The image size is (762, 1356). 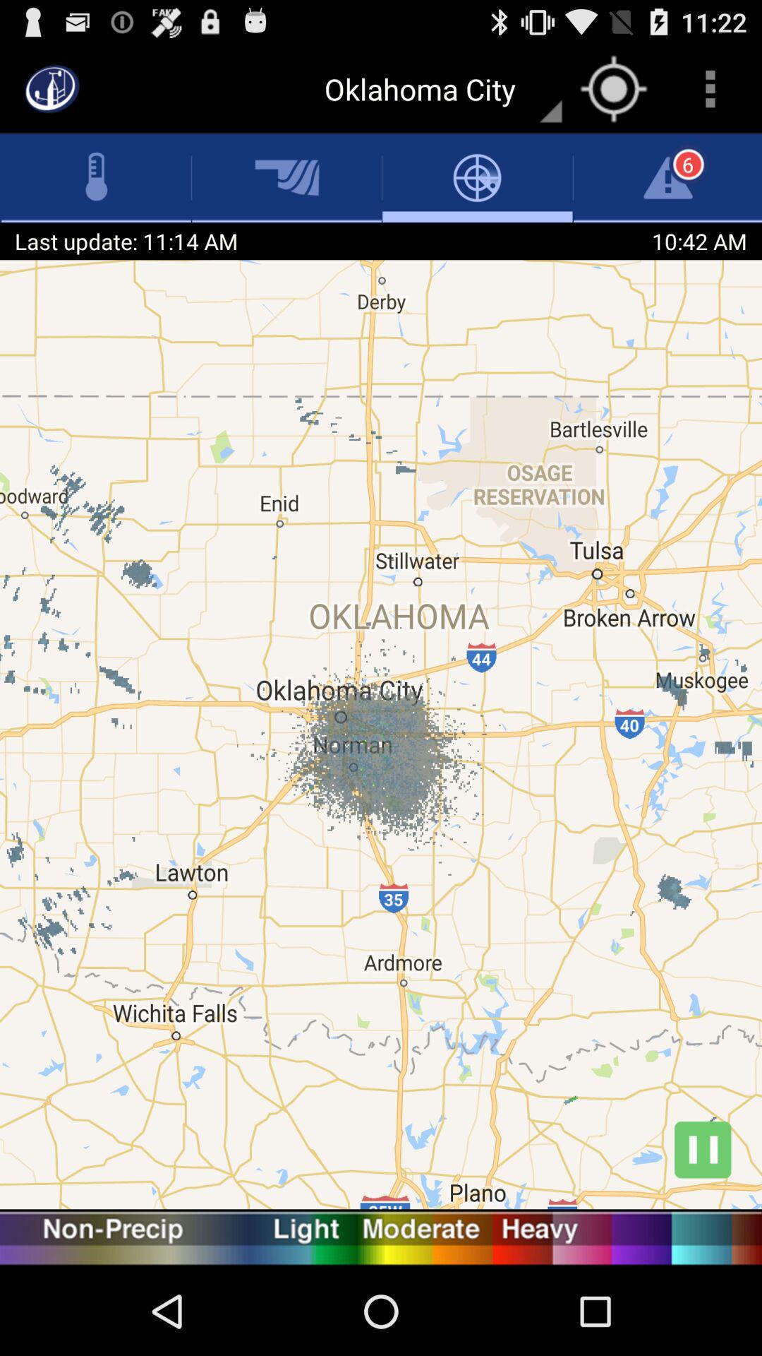 What do you see at coordinates (710, 88) in the screenshot?
I see `options button` at bounding box center [710, 88].